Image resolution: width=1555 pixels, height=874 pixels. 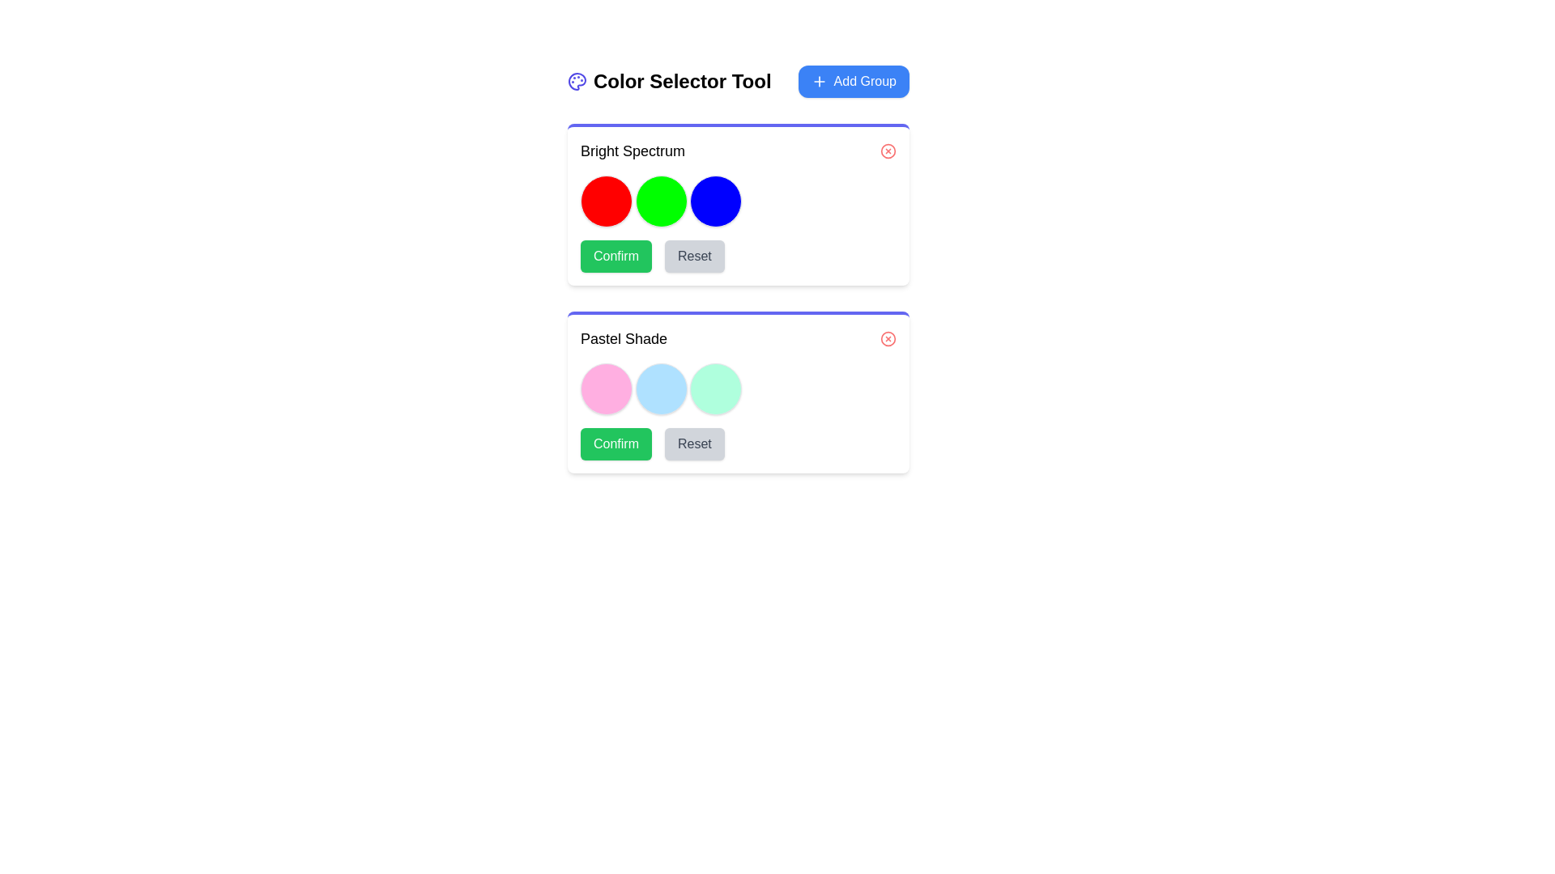 What do you see at coordinates (616, 255) in the screenshot?
I see `the color confirmation button located at the bottom-left side of the 'Bright Spectrum' panel to change its color` at bounding box center [616, 255].